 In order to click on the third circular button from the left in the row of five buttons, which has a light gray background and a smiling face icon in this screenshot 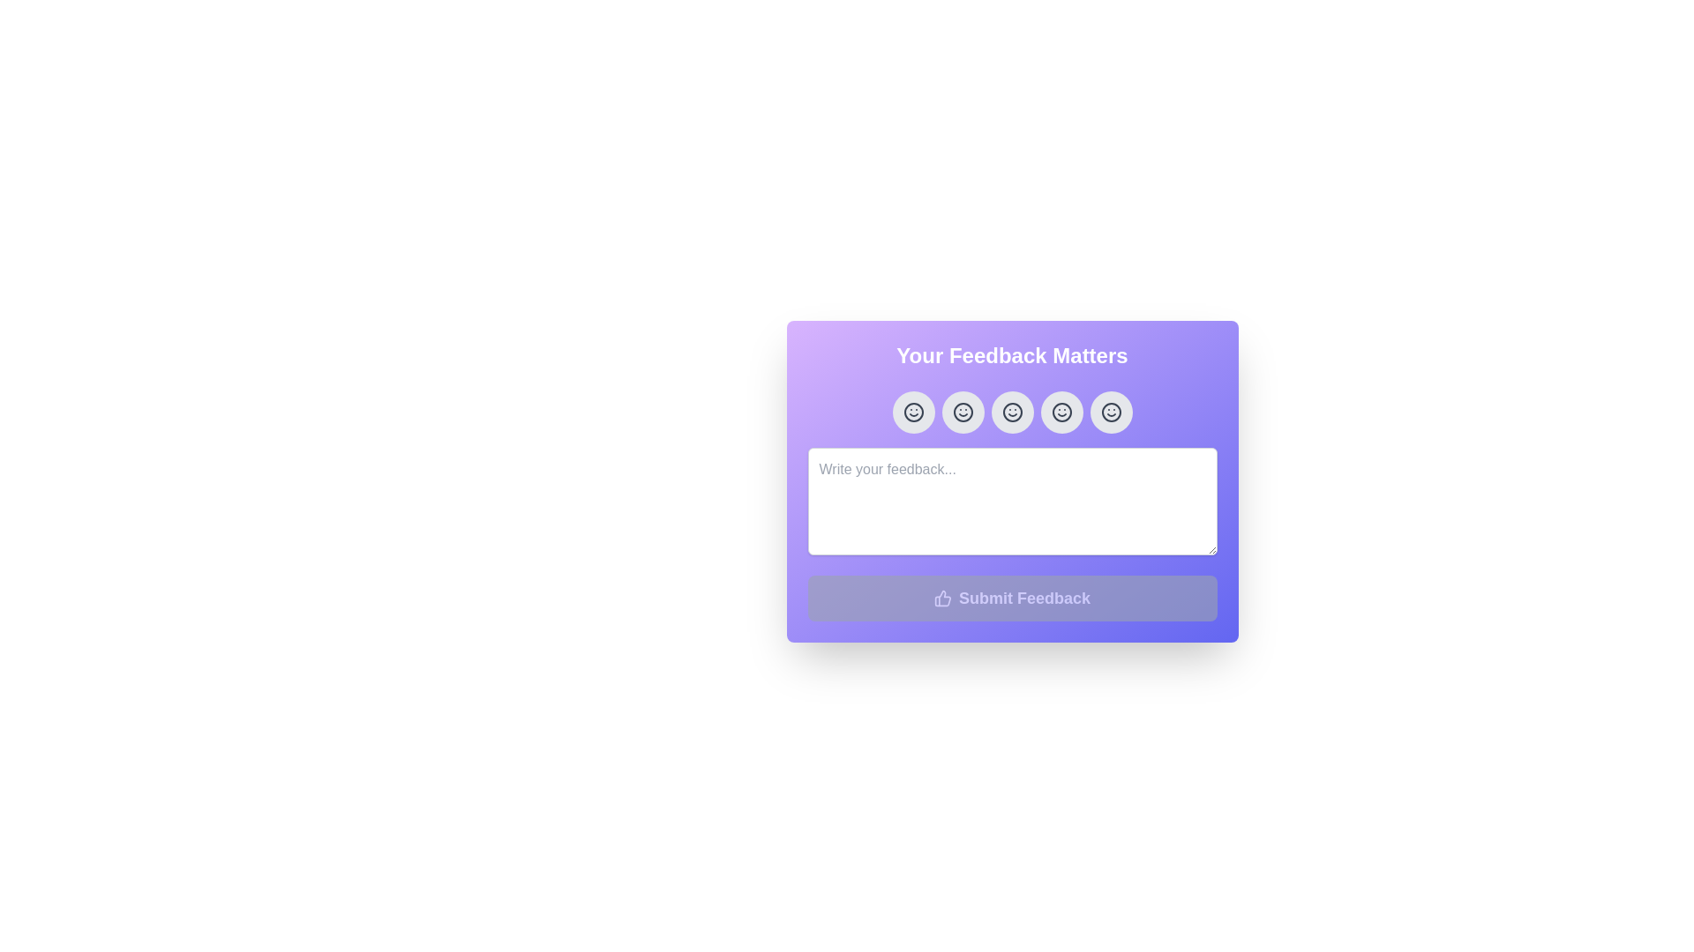, I will do `click(1012, 412)`.